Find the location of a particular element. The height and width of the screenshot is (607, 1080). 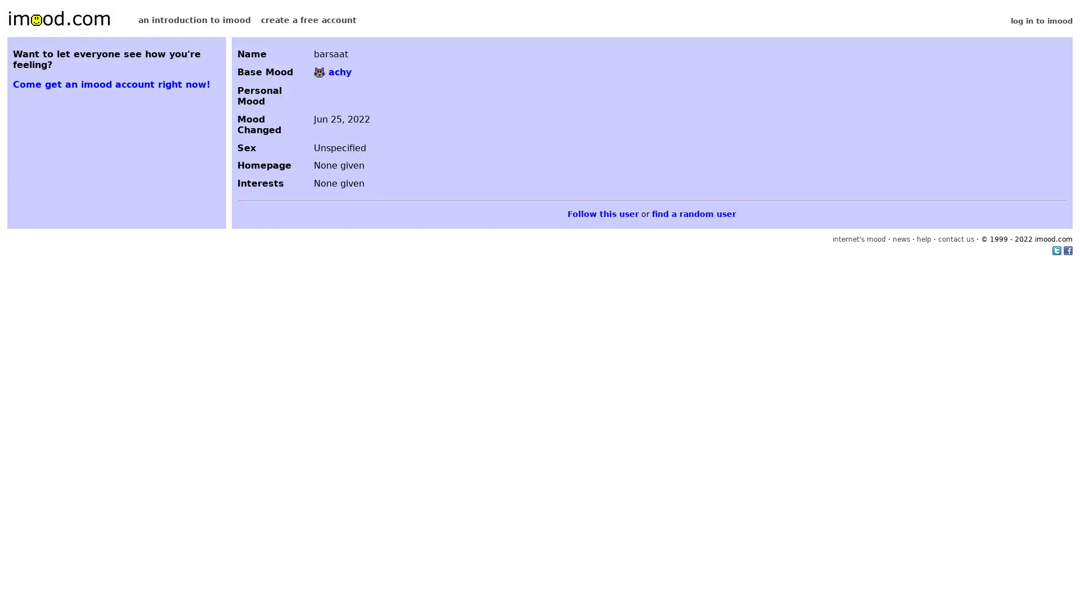

Follow this user is located at coordinates (602, 214).